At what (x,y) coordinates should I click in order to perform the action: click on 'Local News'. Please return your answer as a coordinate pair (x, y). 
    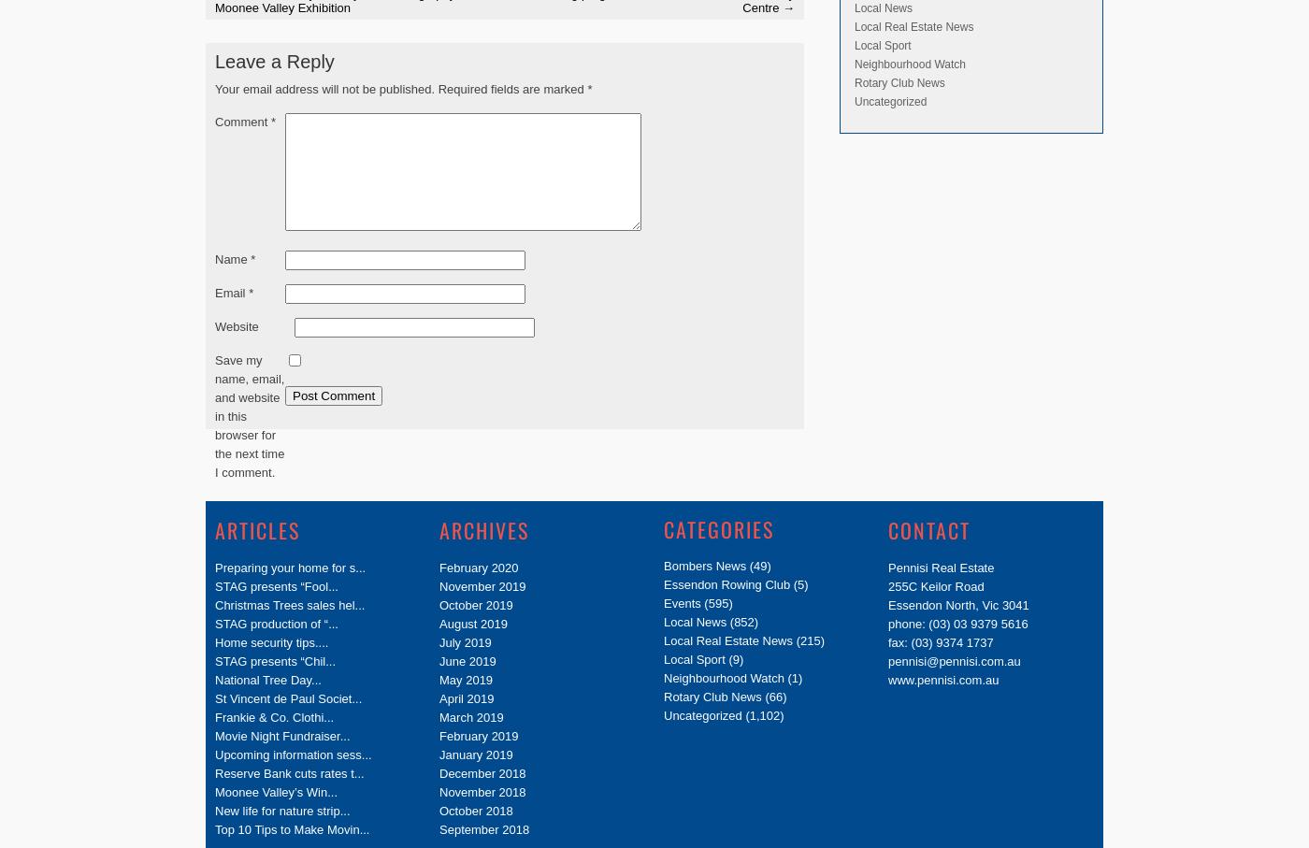
    Looking at the image, I should click on (884, 6).